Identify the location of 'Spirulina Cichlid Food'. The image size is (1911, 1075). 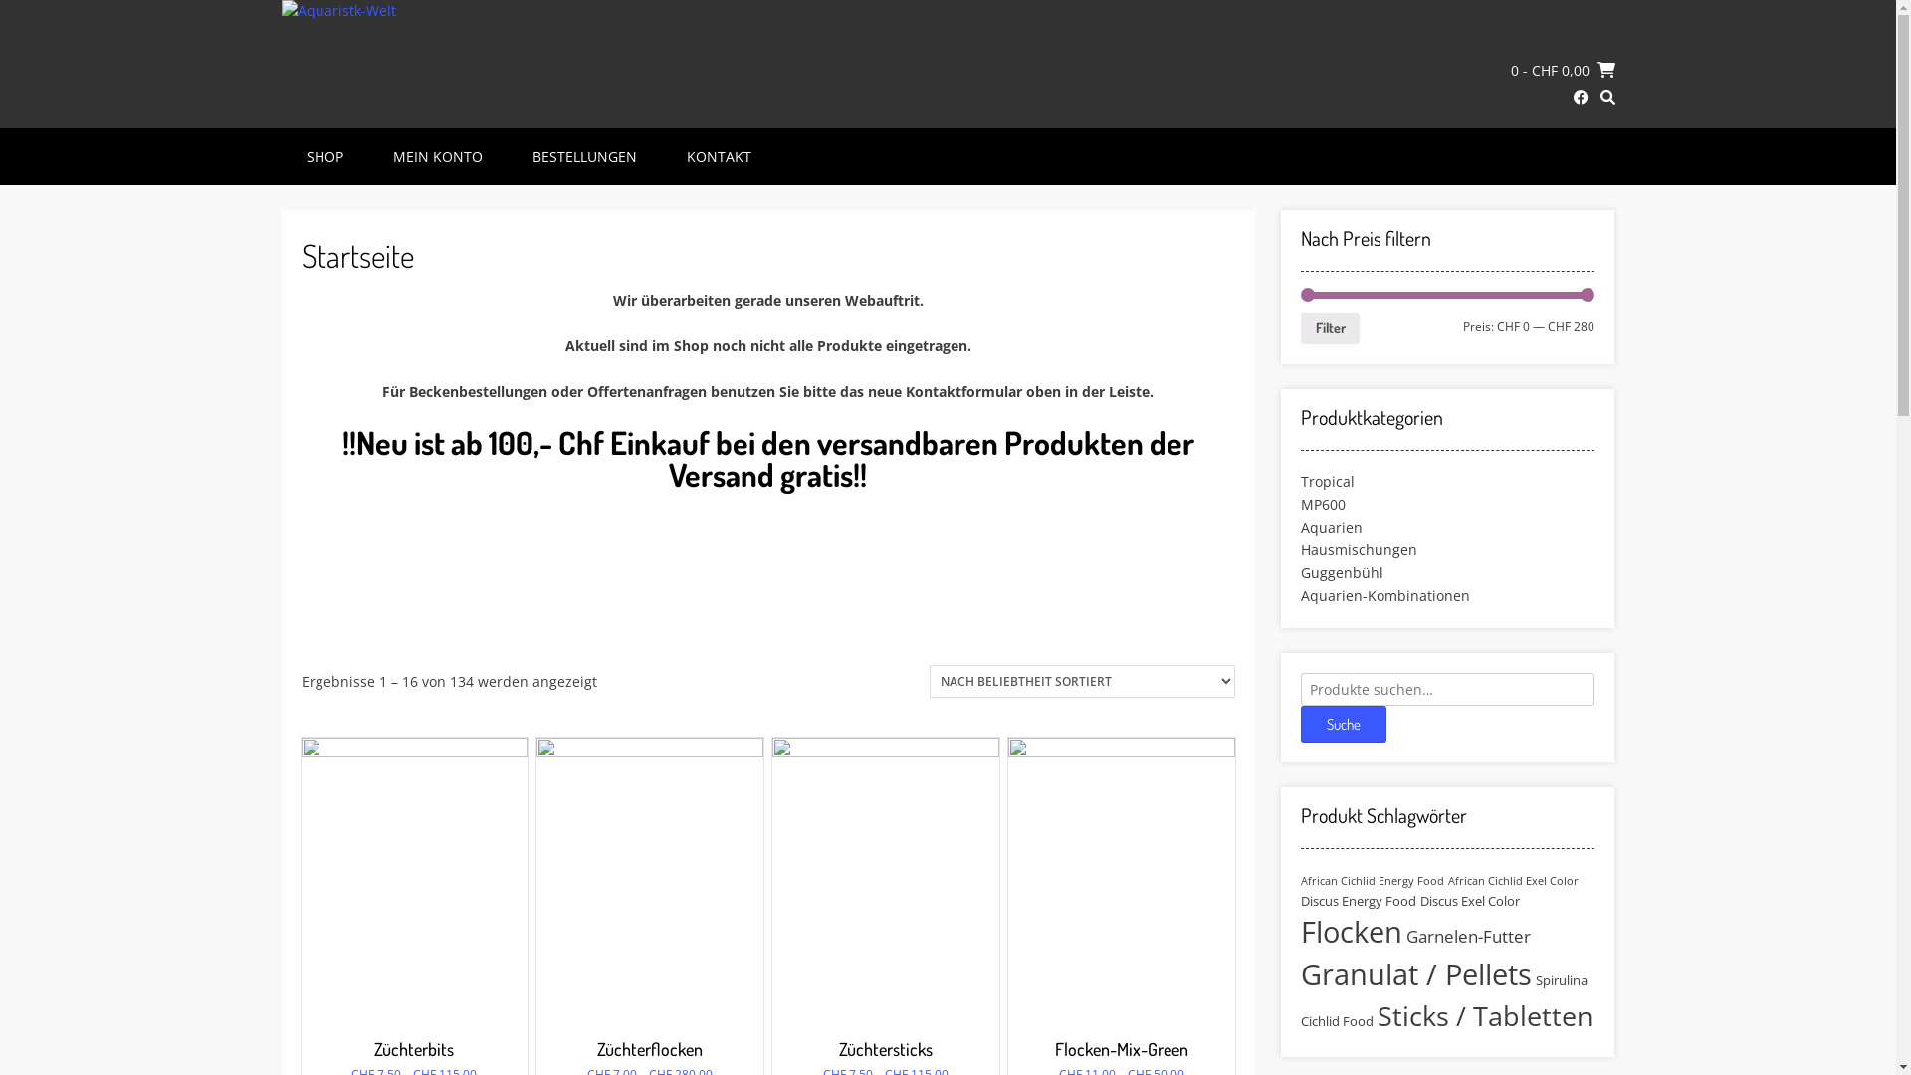
(1443, 1000).